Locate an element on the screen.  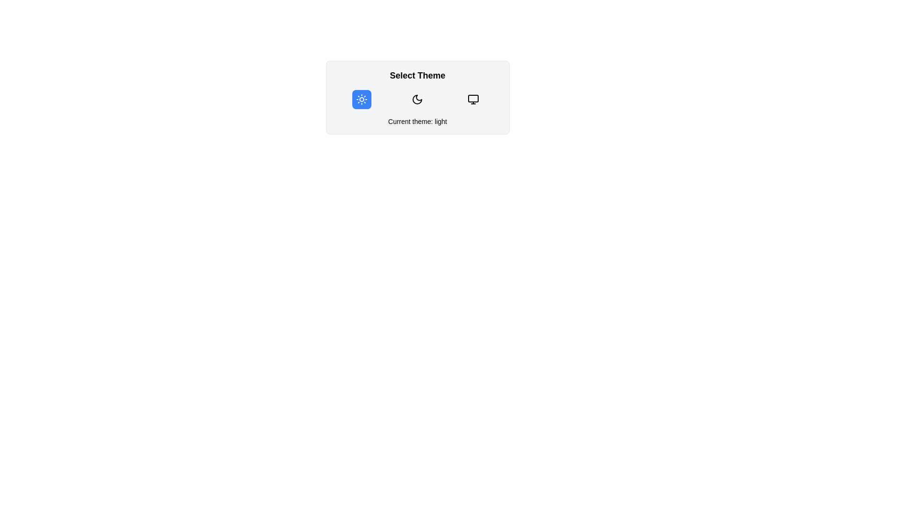
the crescent moon icon in the 'Select Theme' section is located at coordinates (417, 100).